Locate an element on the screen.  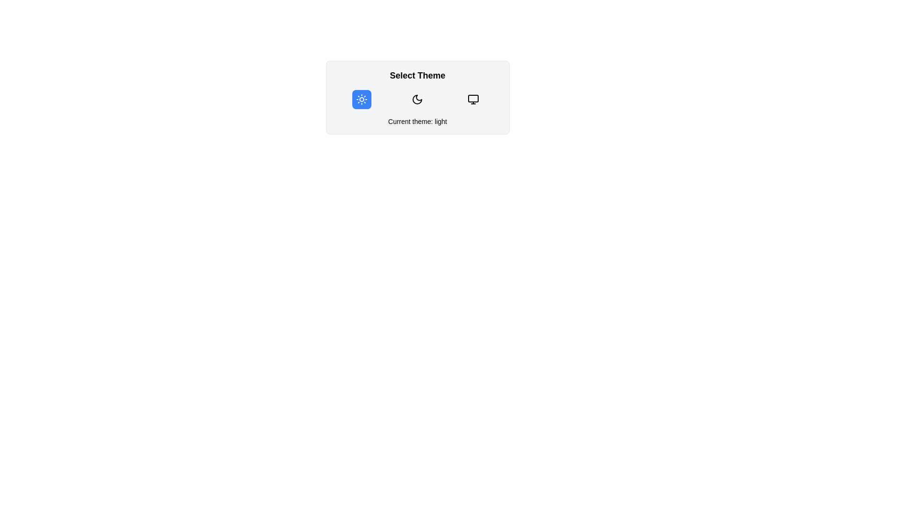
the crescent moon icon in the 'Select Theme' section is located at coordinates (417, 100).